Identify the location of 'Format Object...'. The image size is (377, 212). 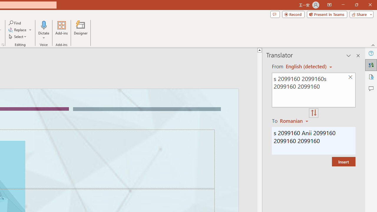
(3, 44).